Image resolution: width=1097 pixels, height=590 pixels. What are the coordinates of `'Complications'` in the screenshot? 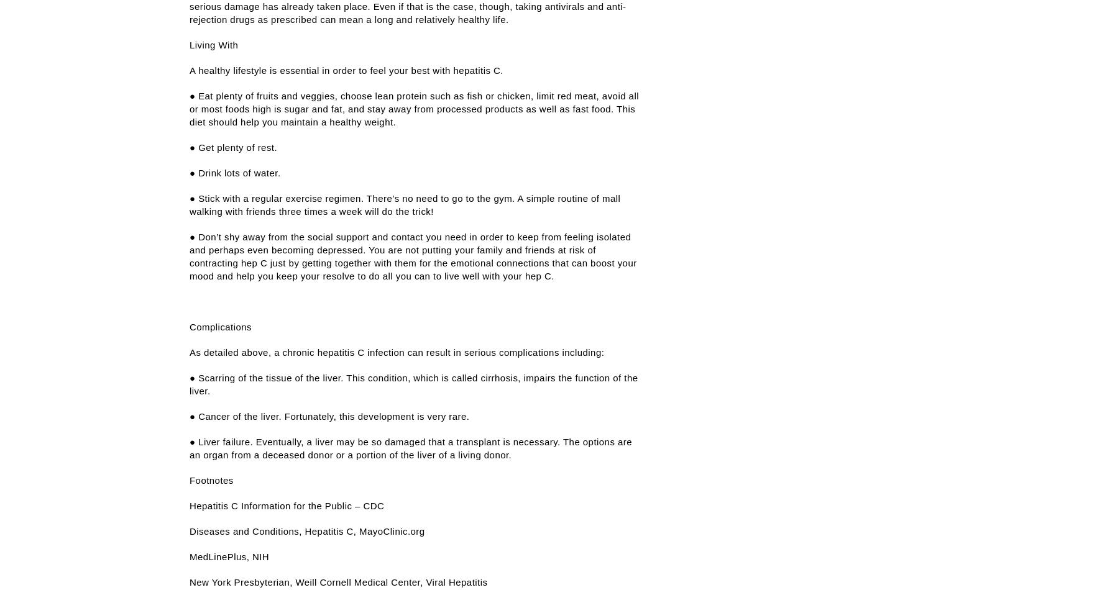 It's located at (188, 327).